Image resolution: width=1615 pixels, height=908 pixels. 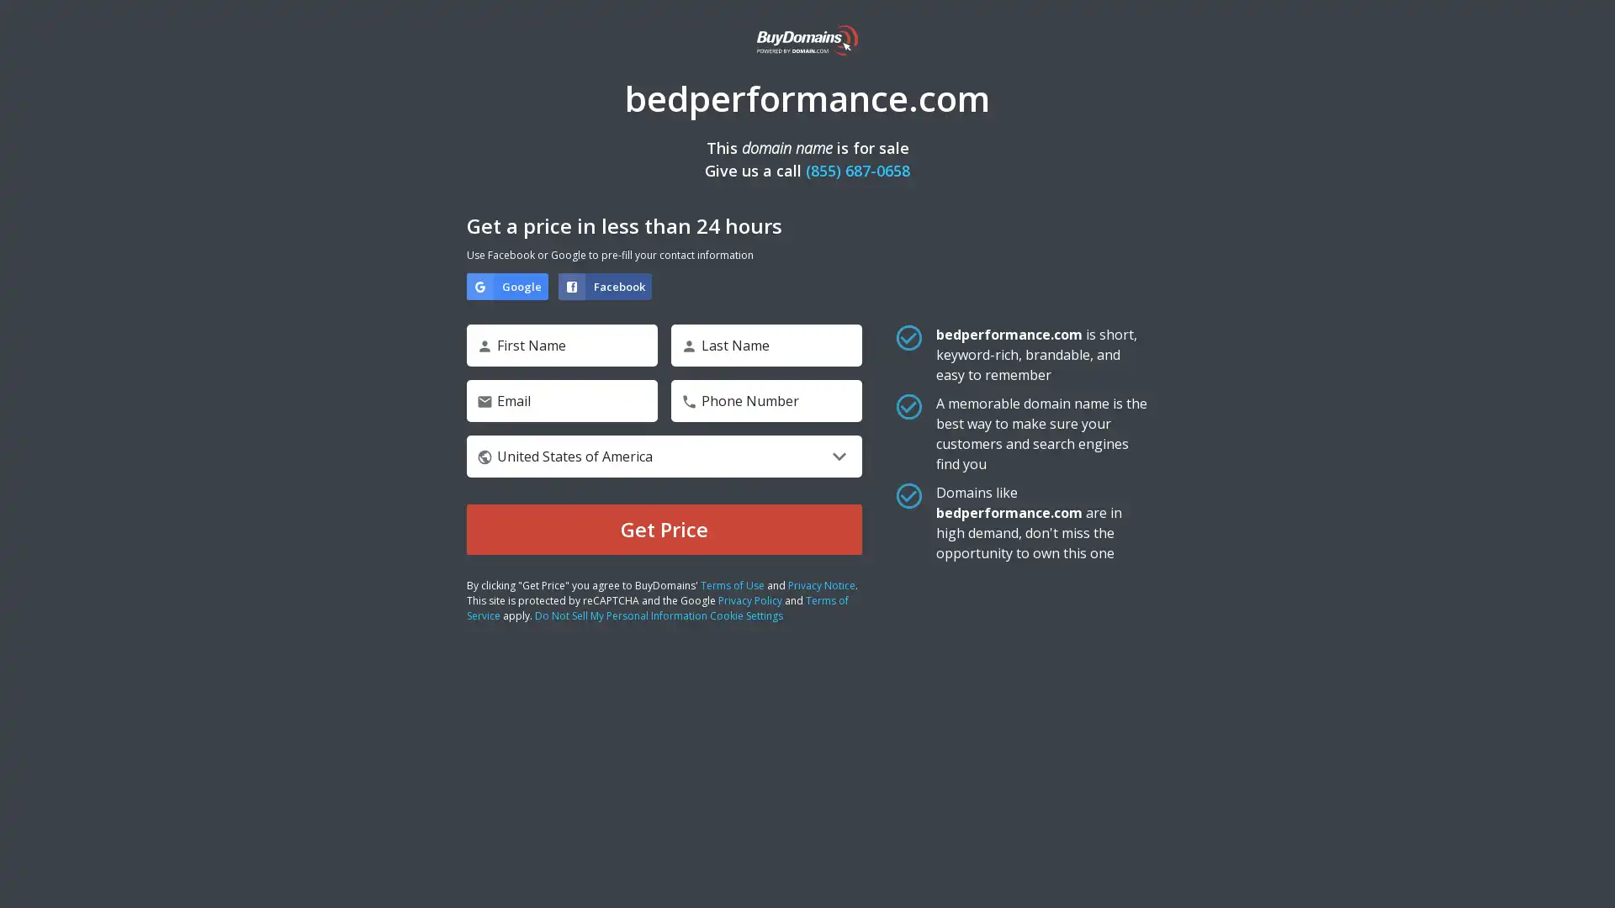 I want to click on Google, so click(x=506, y=285).